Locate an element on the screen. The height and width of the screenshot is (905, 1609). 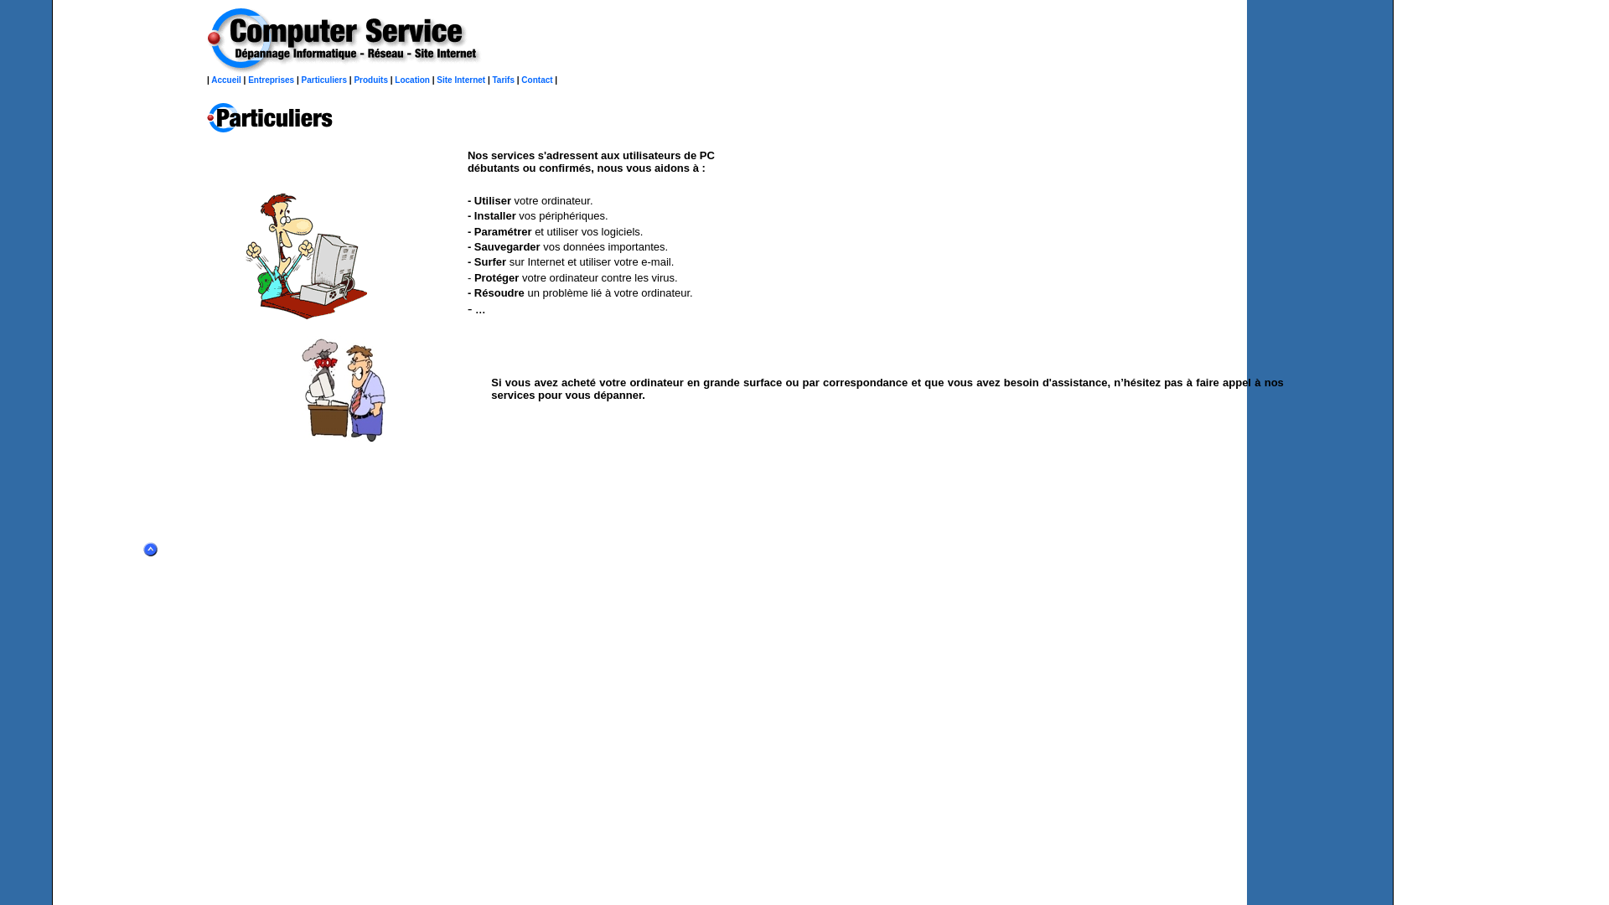
'Accueil' is located at coordinates (225, 80).